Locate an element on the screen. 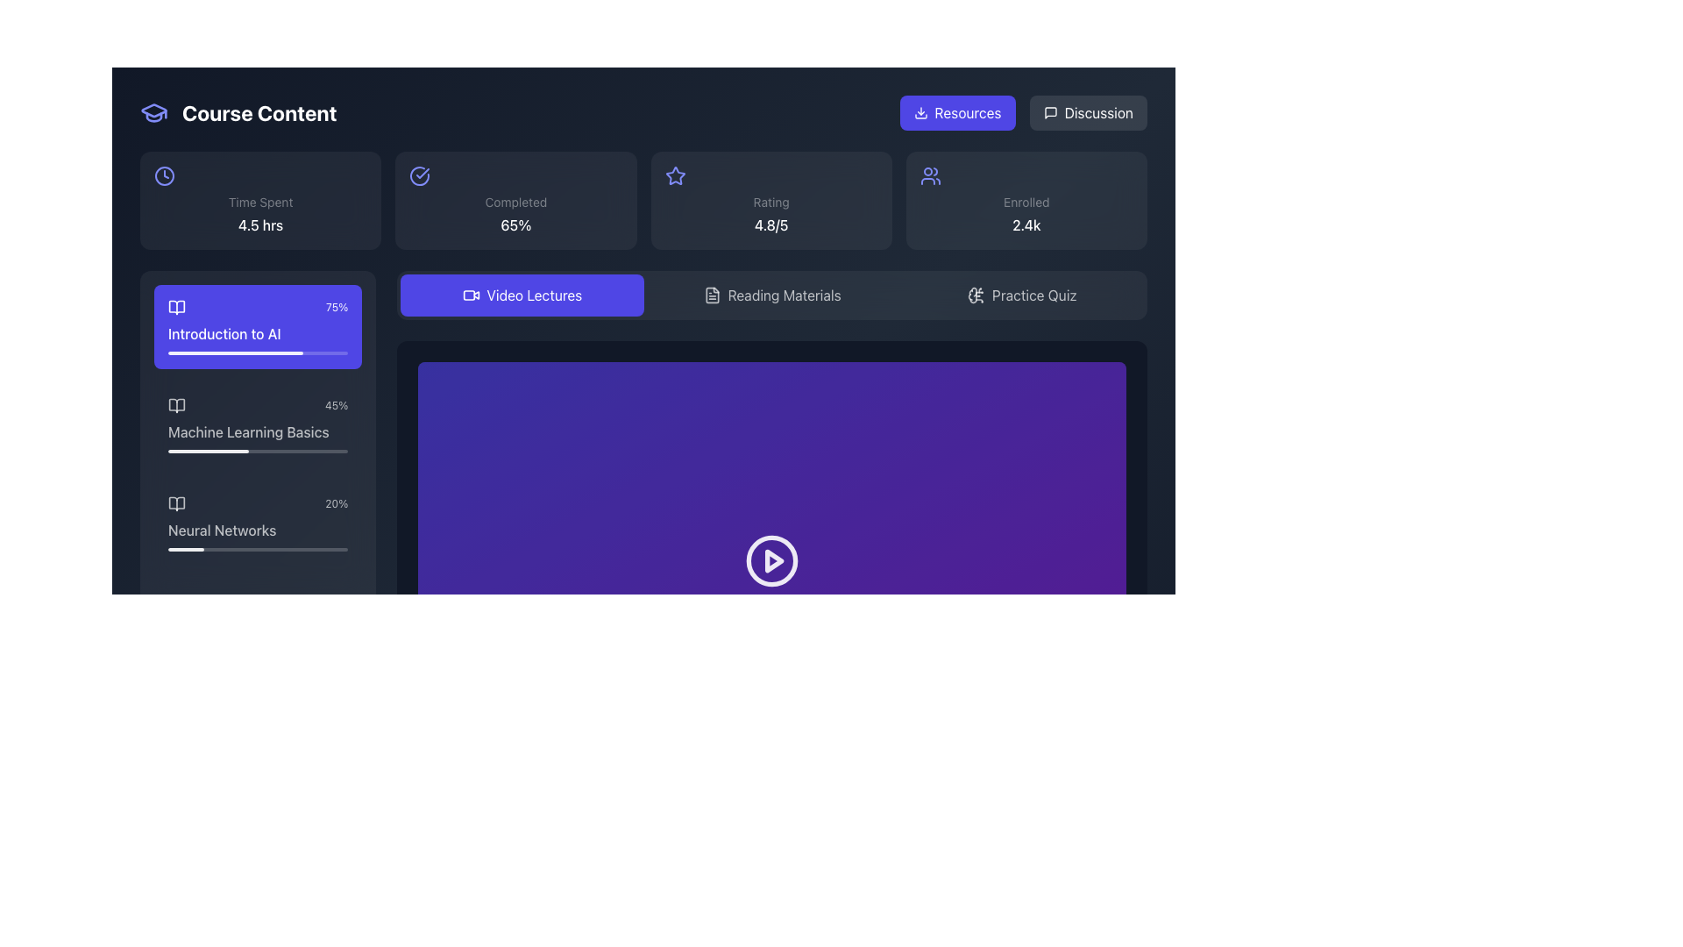  the 'Video Lectures' text label, which is styled in white on a blue background and is part of the navigation button in the menu bar is located at coordinates (533, 294).